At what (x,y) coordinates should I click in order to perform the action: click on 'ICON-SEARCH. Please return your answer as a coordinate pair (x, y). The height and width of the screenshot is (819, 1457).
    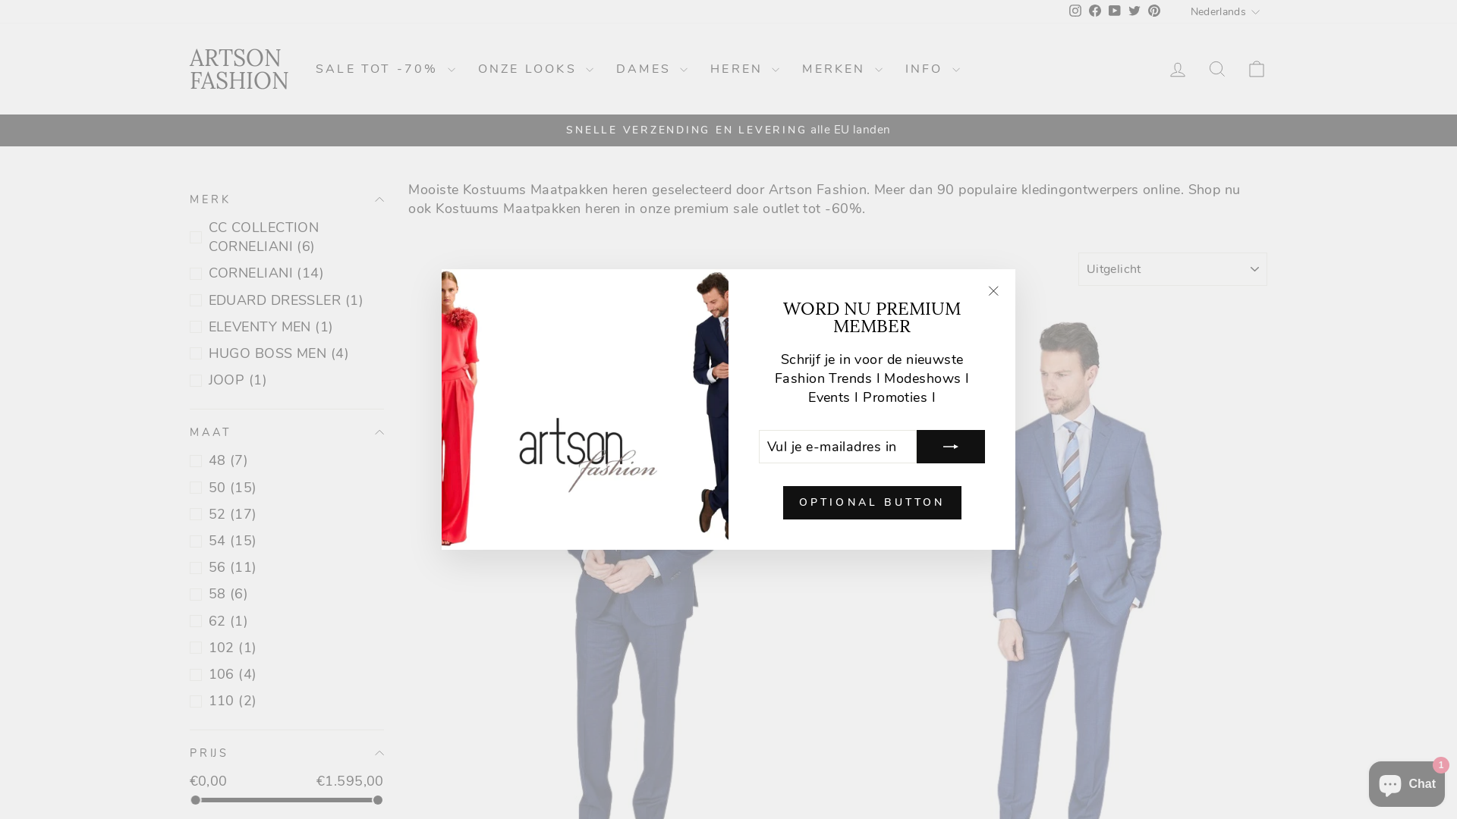
    Looking at the image, I should click on (1216, 69).